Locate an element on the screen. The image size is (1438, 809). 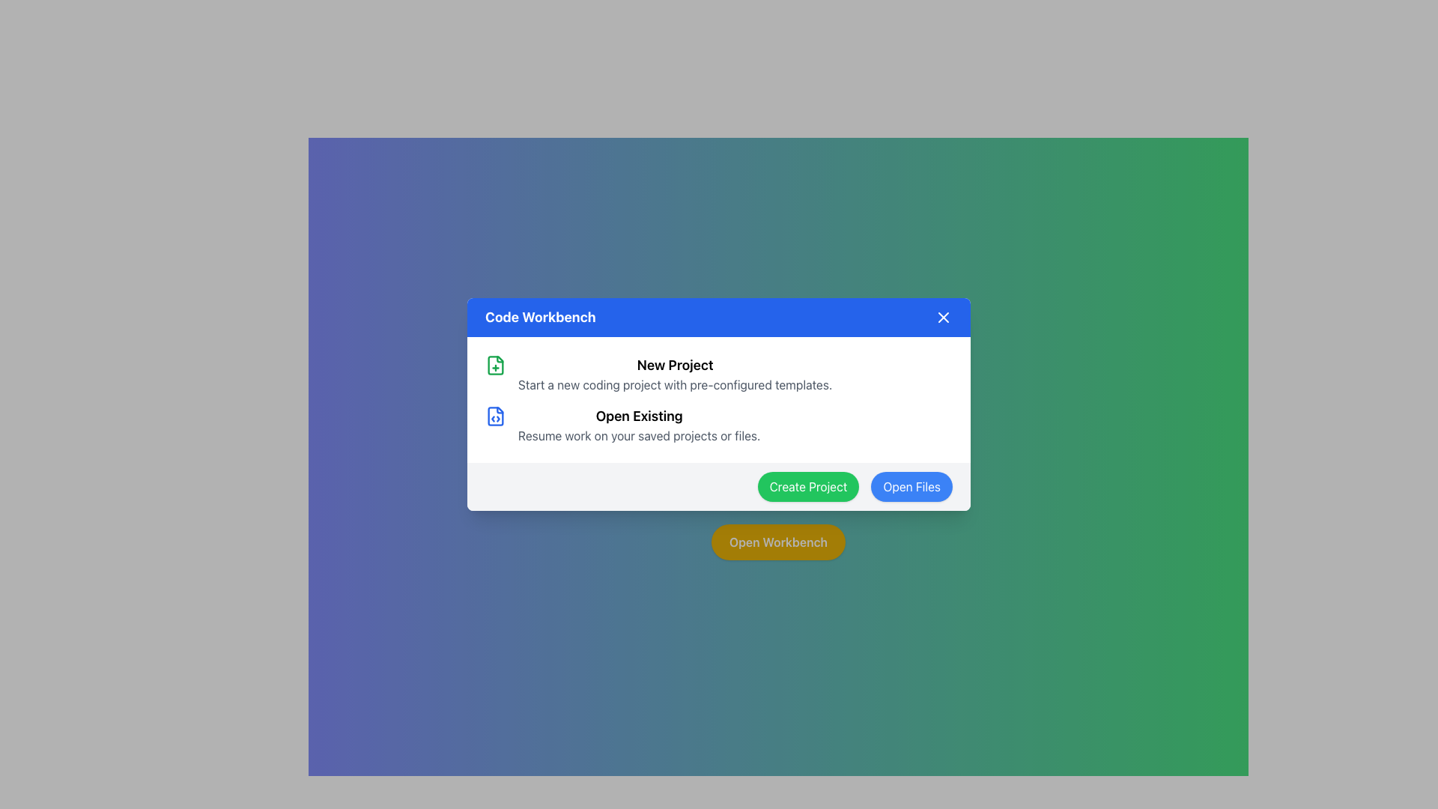
the close button with a blue background and white 'X' icon located in the top-right corner of the modal header titled 'Code Workbench' is located at coordinates (942, 317).